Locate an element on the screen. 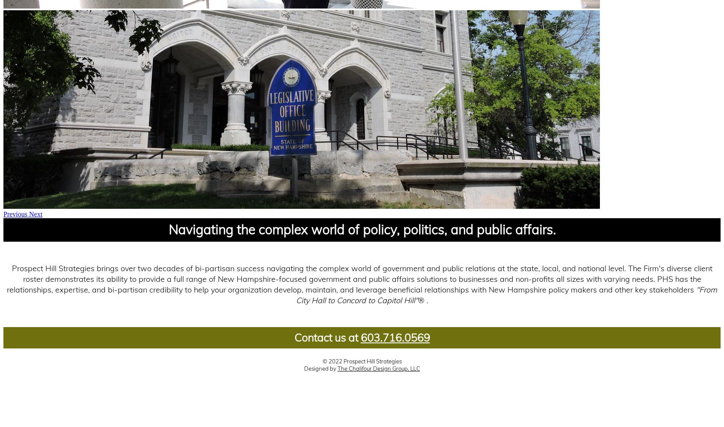  'Previous' is located at coordinates (15, 214).